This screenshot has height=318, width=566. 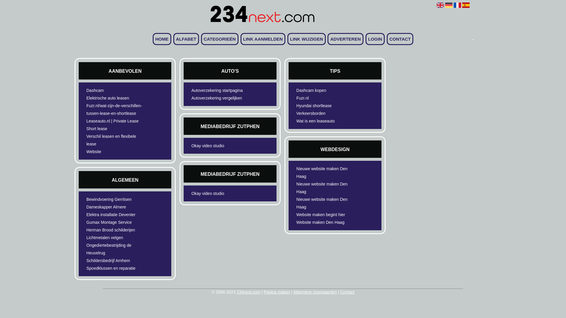 I want to click on 'Verkeersborden', so click(x=325, y=113).